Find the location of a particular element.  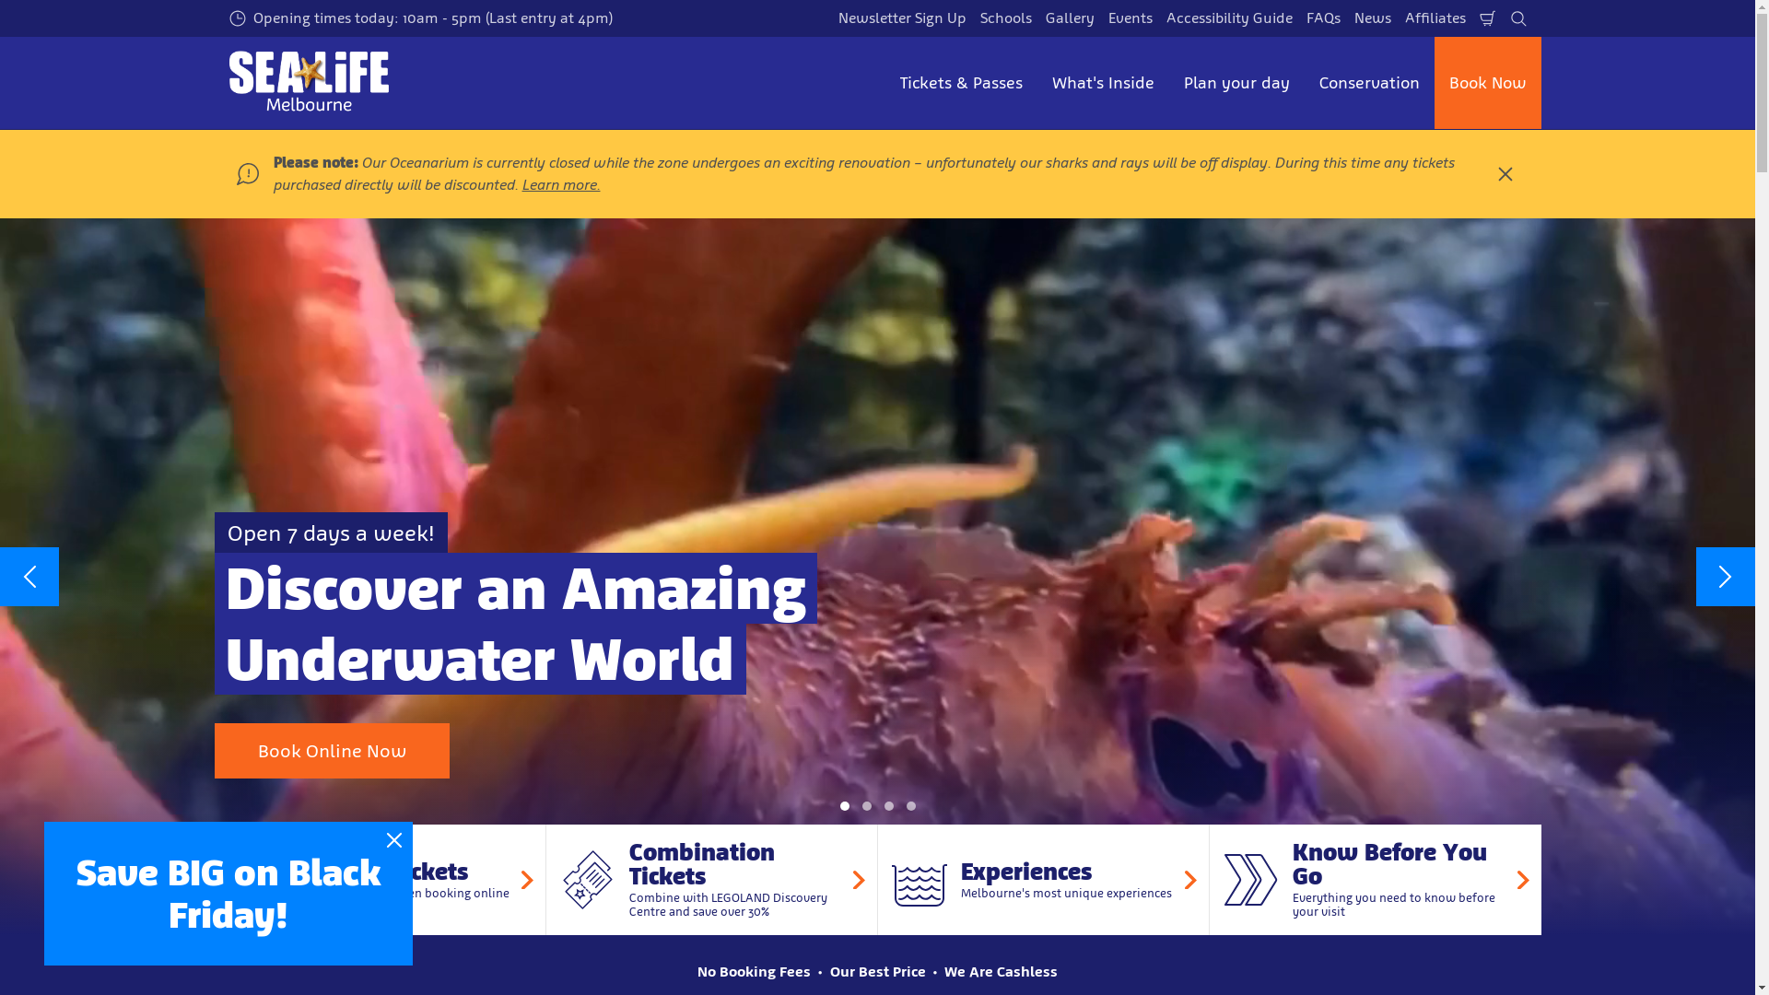

'Newsletter Sign Up' is located at coordinates (901, 18).